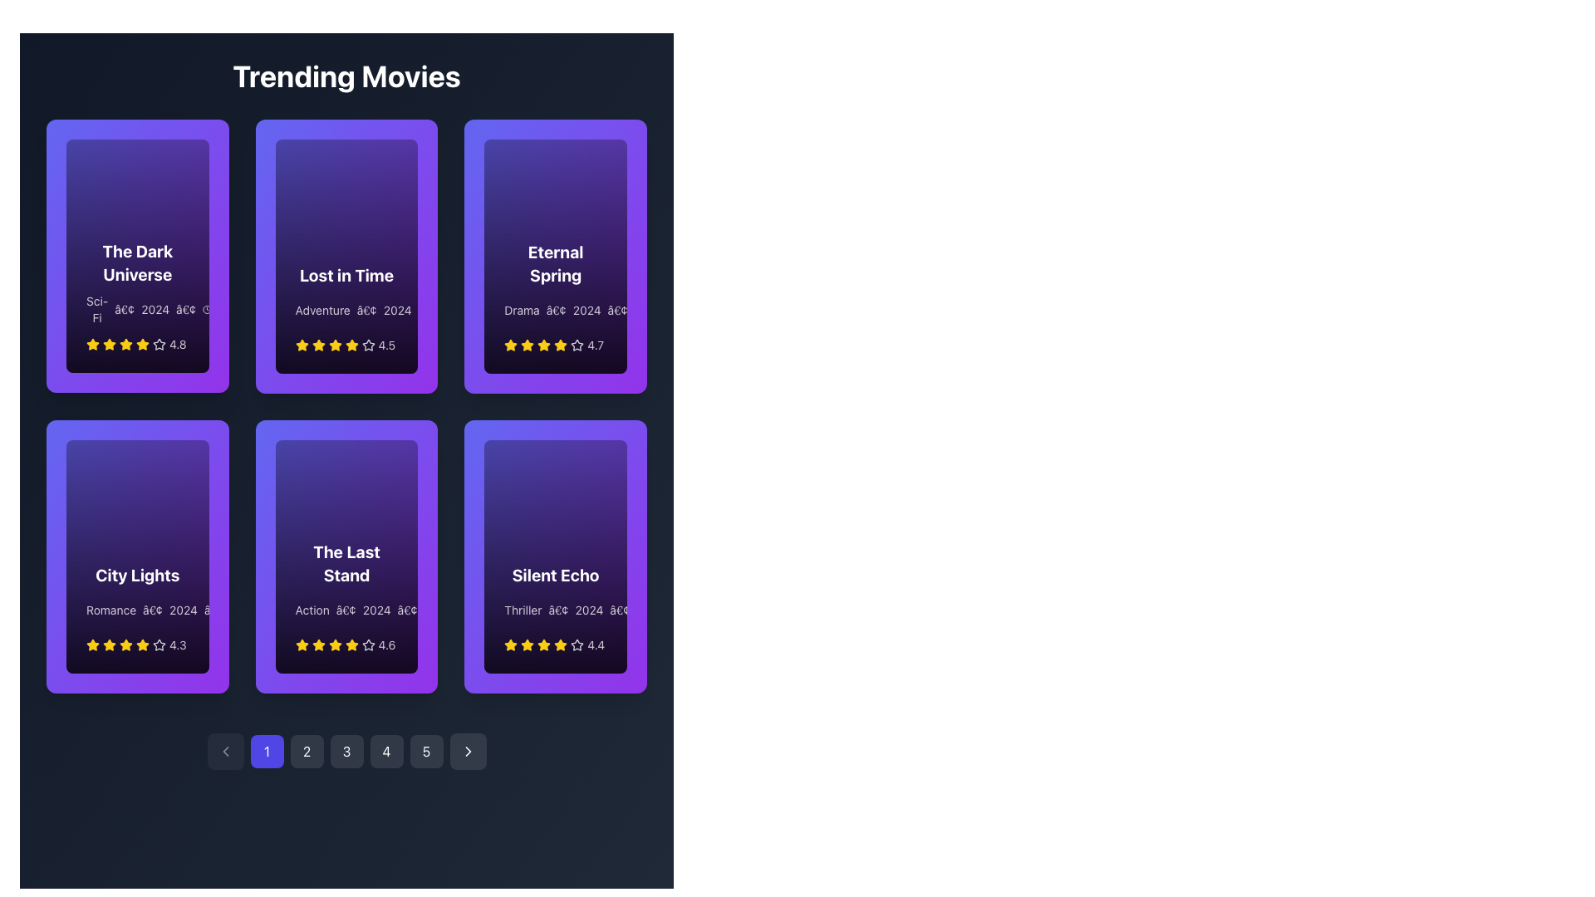  Describe the element at coordinates (200, 454) in the screenshot. I see `the triangular play button icon within the 'City Lights' card` at that location.